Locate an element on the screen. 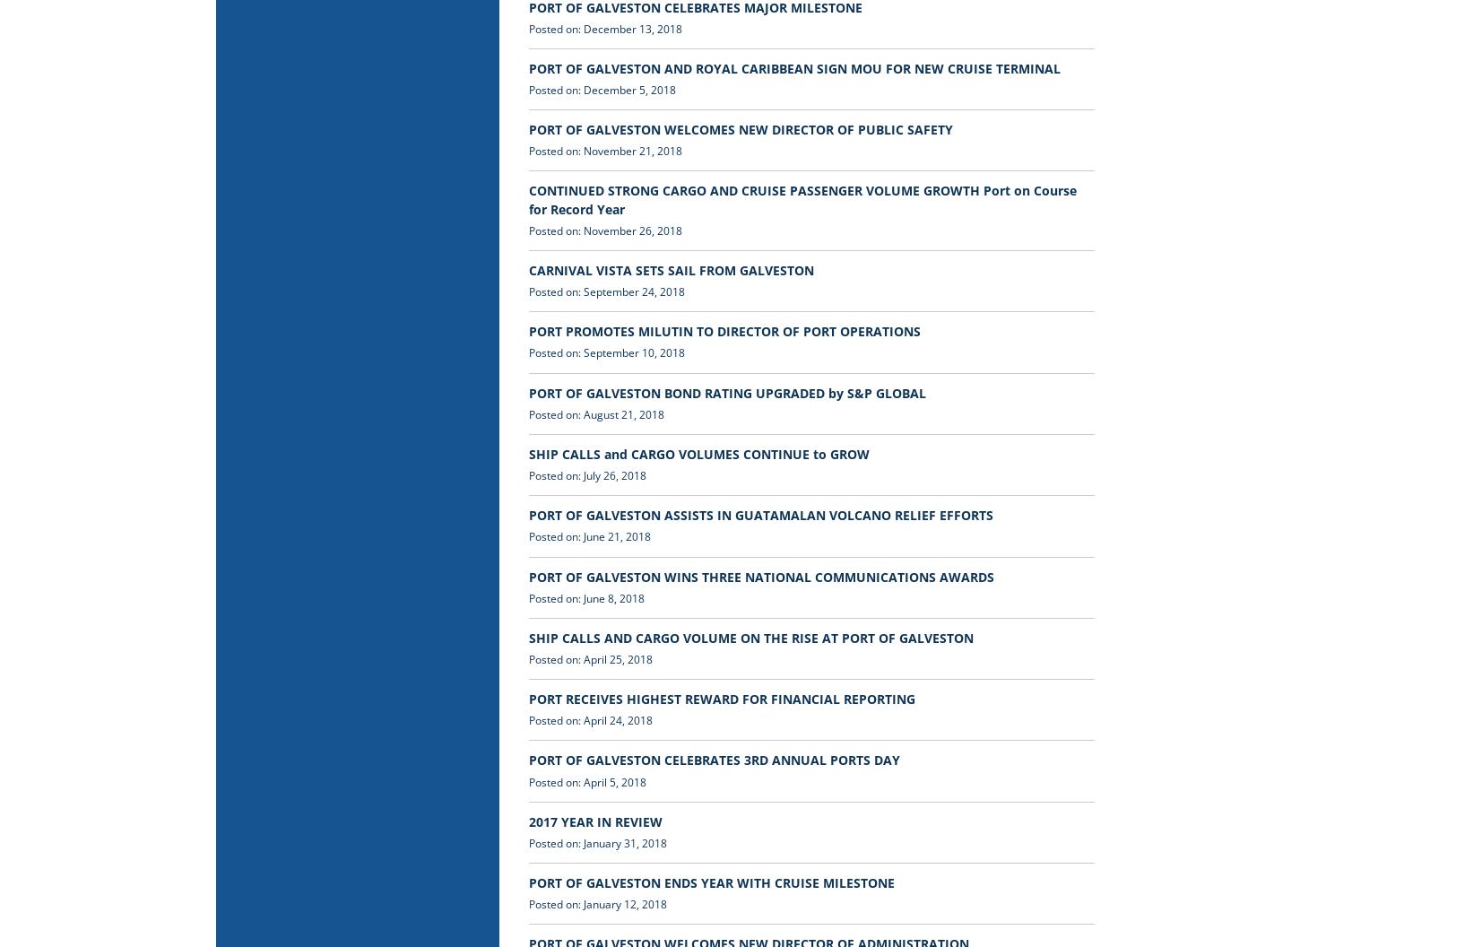 This screenshot has height=947, width=1482. 'PORT OF GALVESTON ENDS YEAR WITH CRUISE MILESTONE' is located at coordinates (710, 882).